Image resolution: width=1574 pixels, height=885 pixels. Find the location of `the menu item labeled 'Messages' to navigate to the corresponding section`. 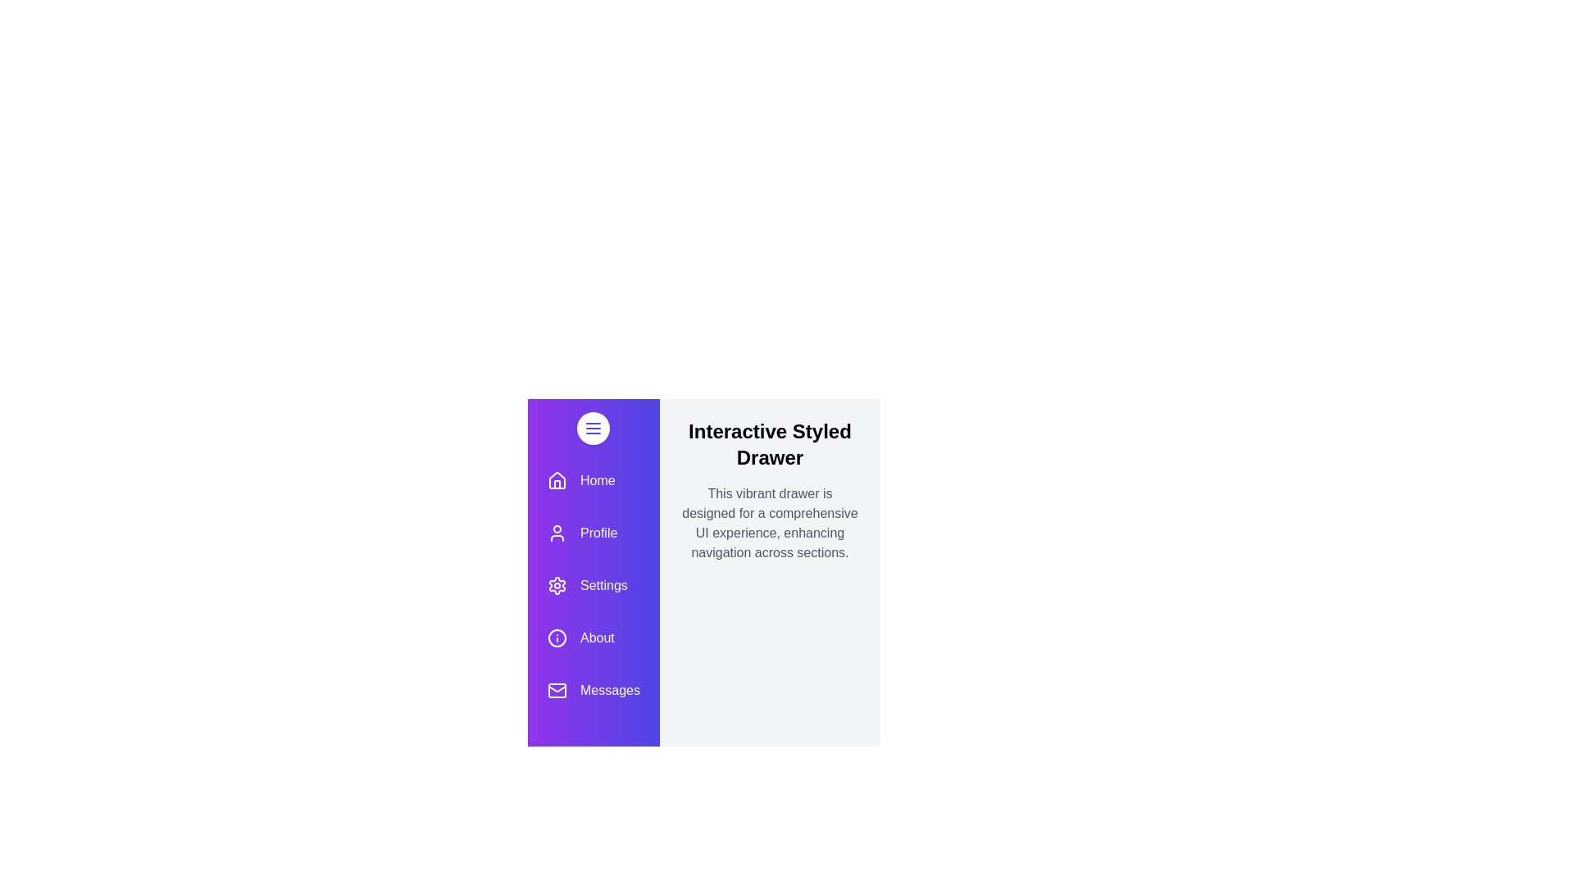

the menu item labeled 'Messages' to navigate to the corresponding section is located at coordinates (593, 691).